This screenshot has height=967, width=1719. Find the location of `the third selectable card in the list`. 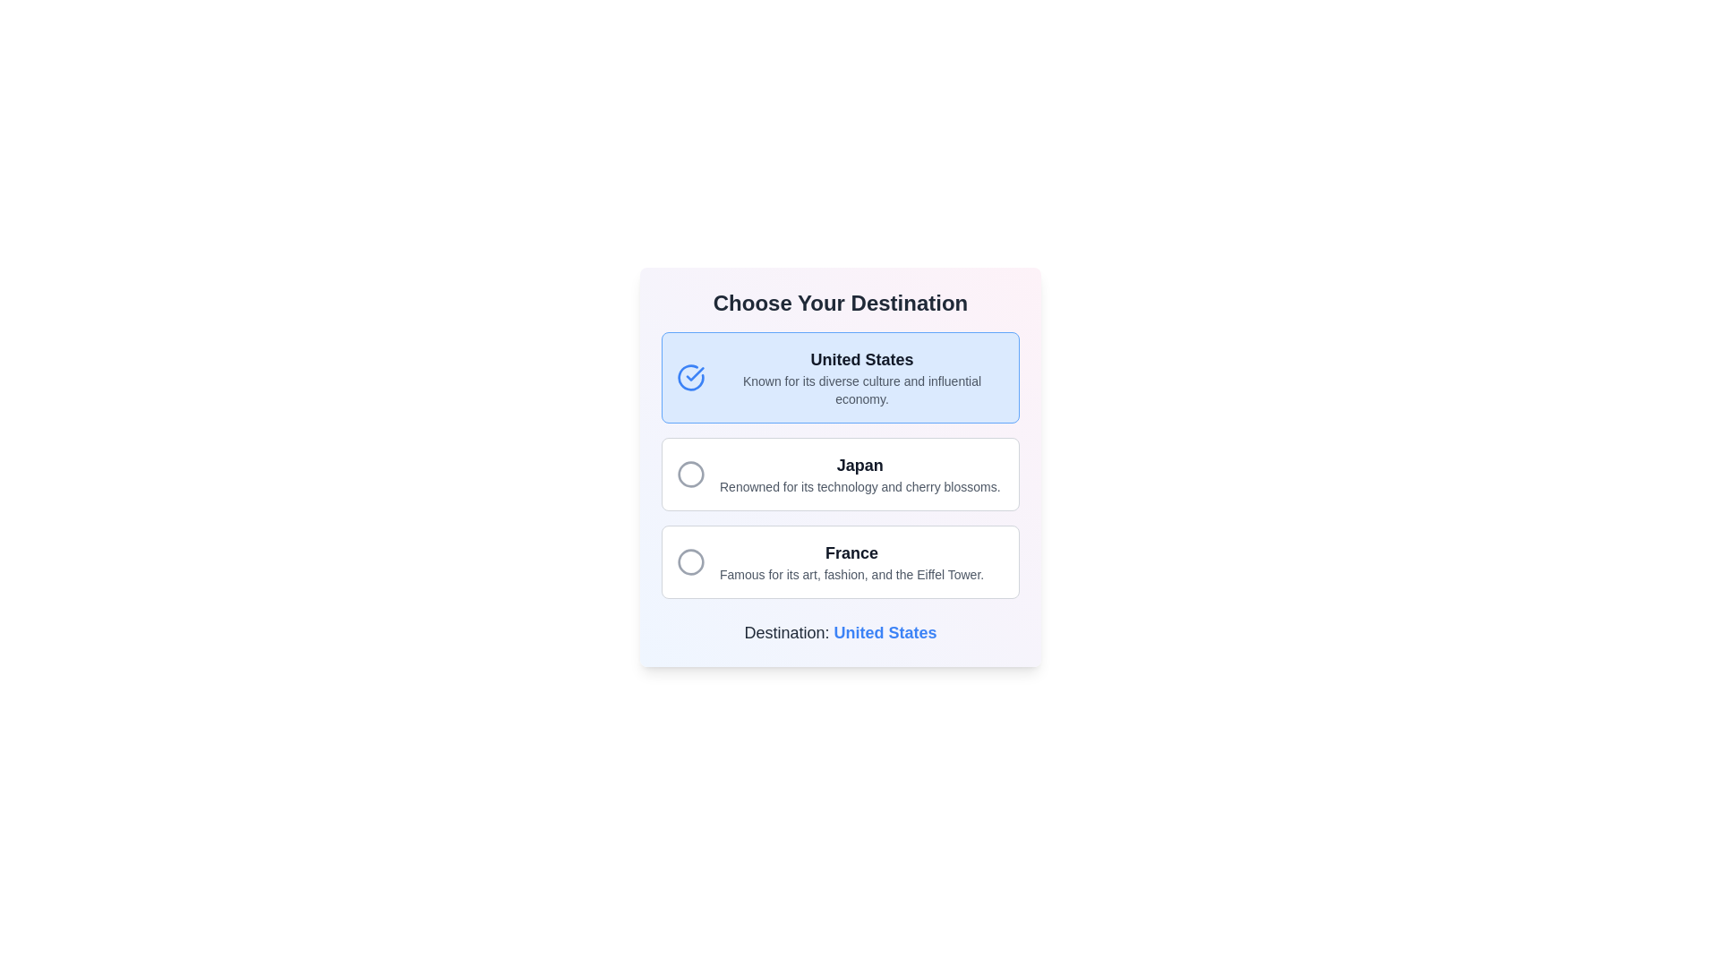

the third selectable card in the list is located at coordinates (840, 561).